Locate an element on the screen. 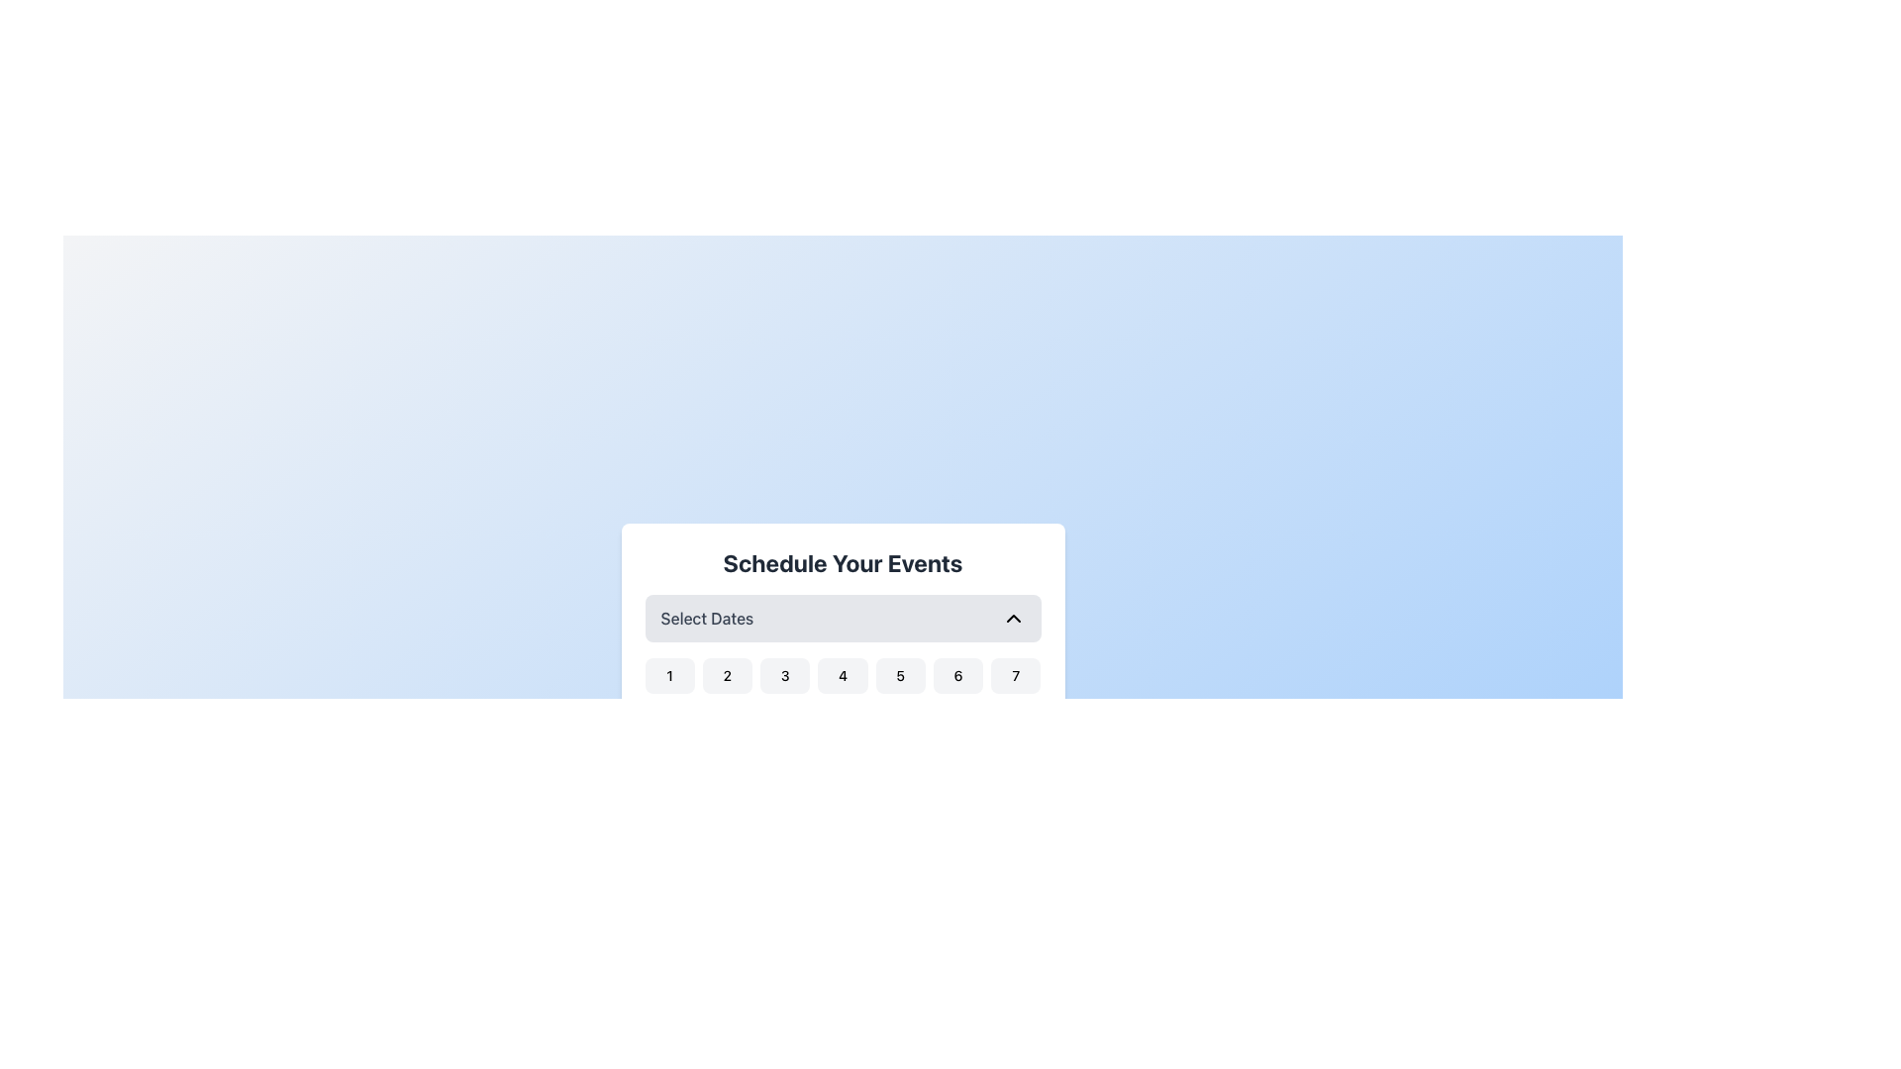 The width and height of the screenshot is (1901, 1069). the button representing the number 5 in the grid layout, positioned as the 5th element from the left is located at coordinates (899, 675).